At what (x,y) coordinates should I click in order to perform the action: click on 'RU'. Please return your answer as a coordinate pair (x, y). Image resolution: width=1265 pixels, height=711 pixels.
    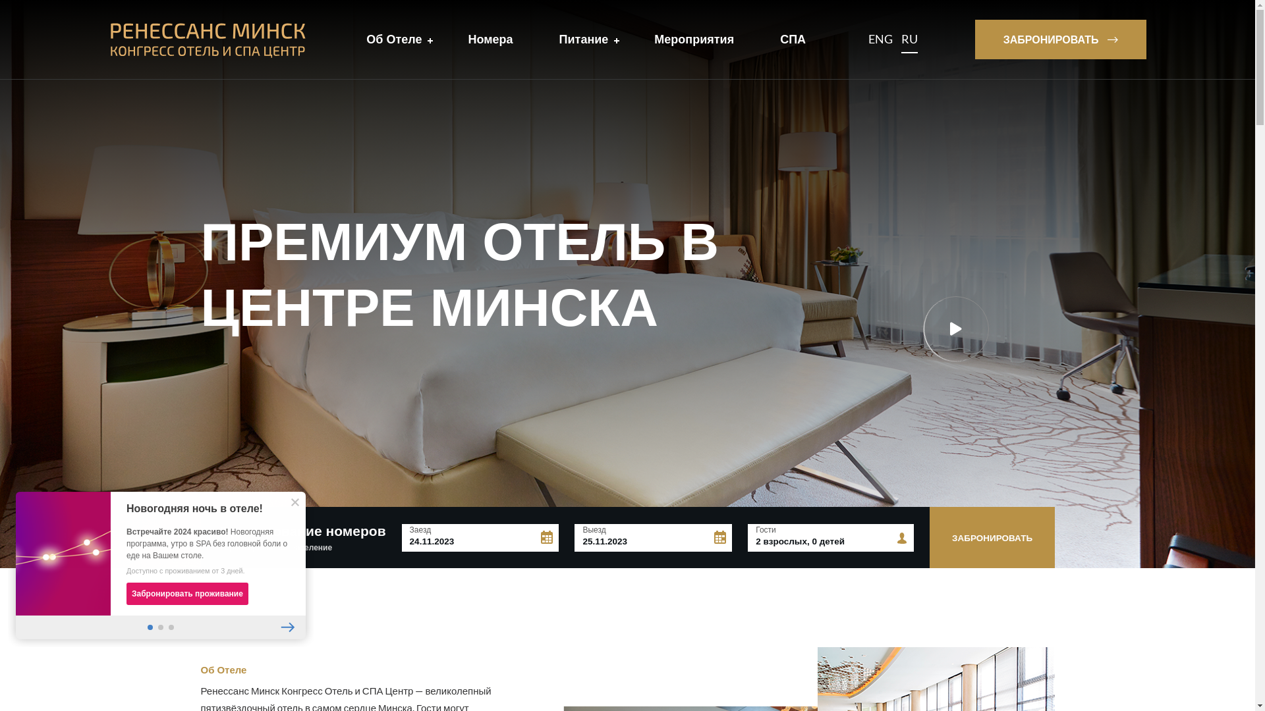
    Looking at the image, I should click on (909, 39).